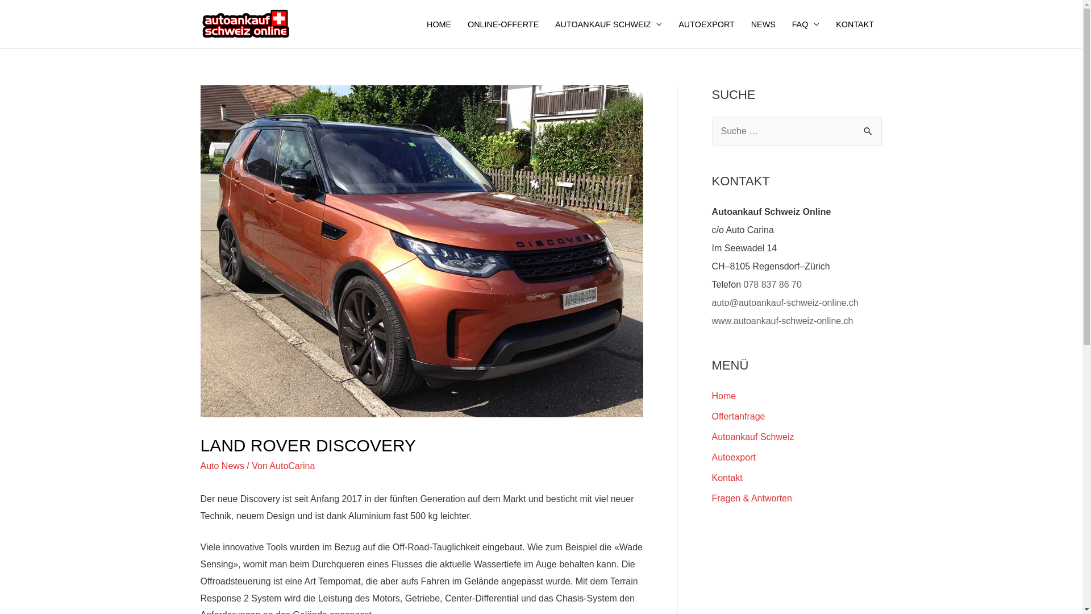  I want to click on 'AutoCarina', so click(292, 466).